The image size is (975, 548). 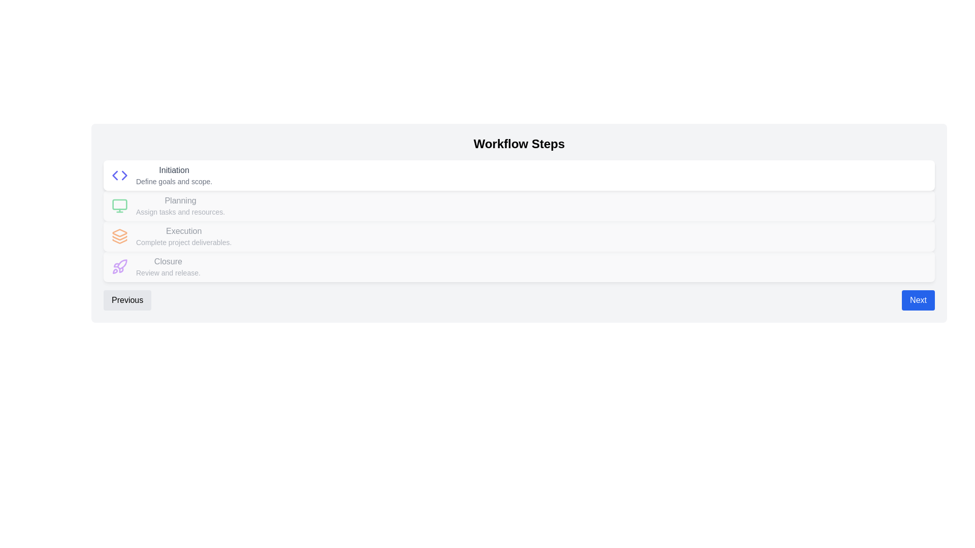 What do you see at coordinates (119, 204) in the screenshot?
I see `the SVG rectangle that represents a monitor icon in the 'Planning' step of the workflow` at bounding box center [119, 204].